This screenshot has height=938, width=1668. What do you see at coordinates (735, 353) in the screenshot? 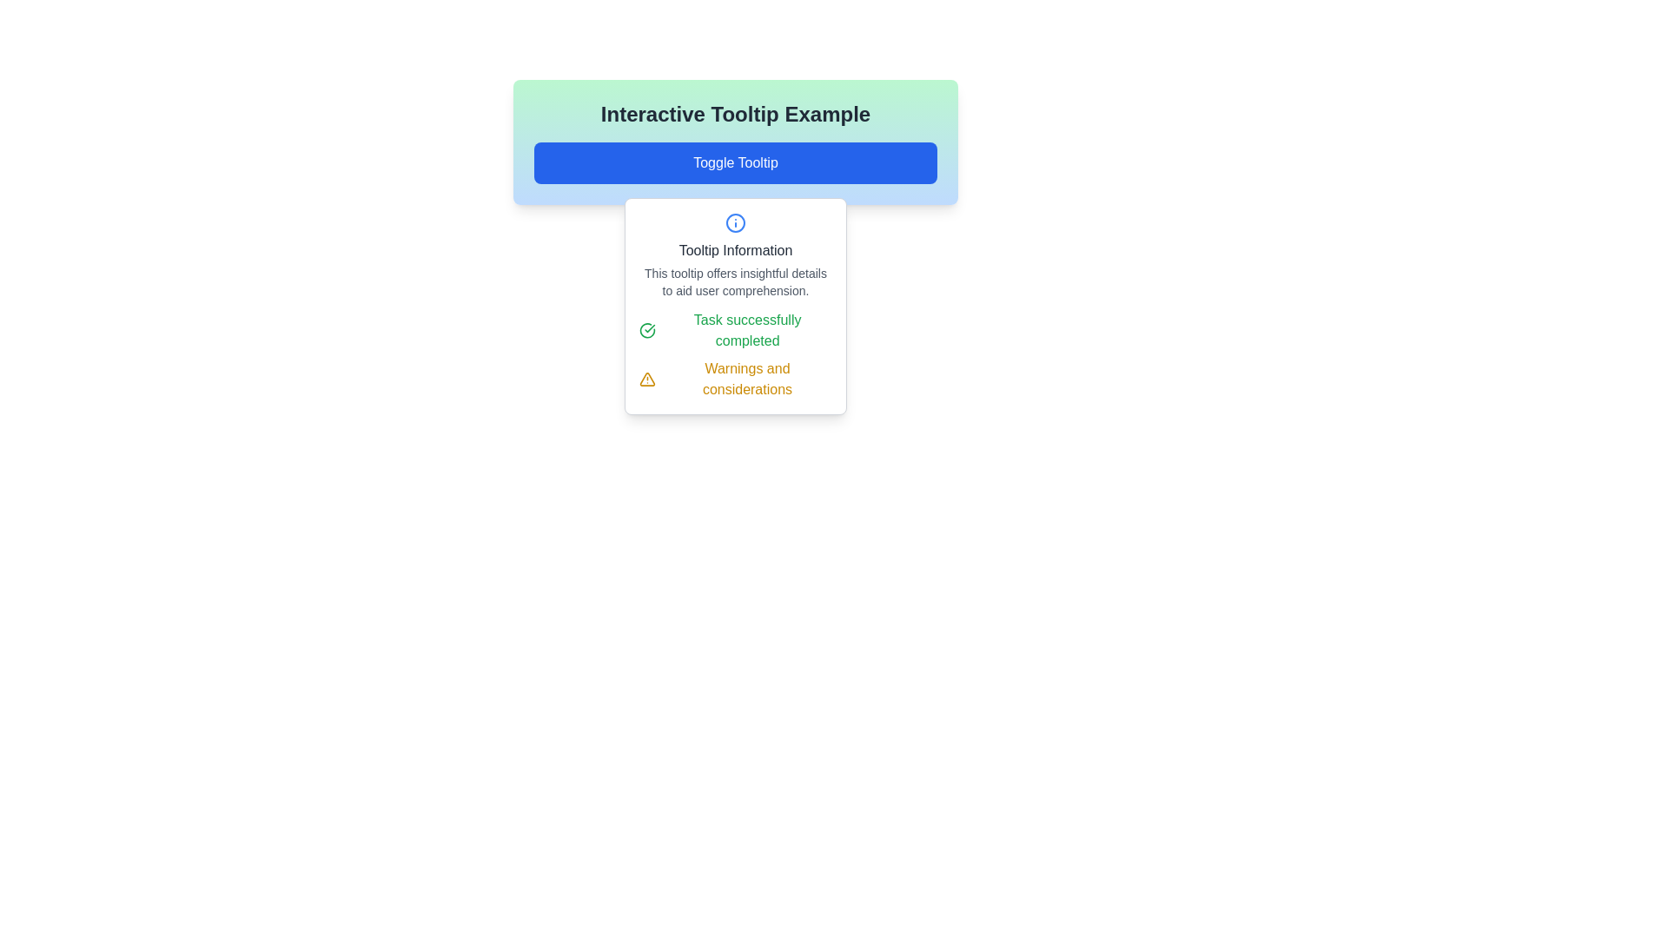
I see `the green checkmark icon in the informational status display indicating 'Task successfully completed'` at bounding box center [735, 353].